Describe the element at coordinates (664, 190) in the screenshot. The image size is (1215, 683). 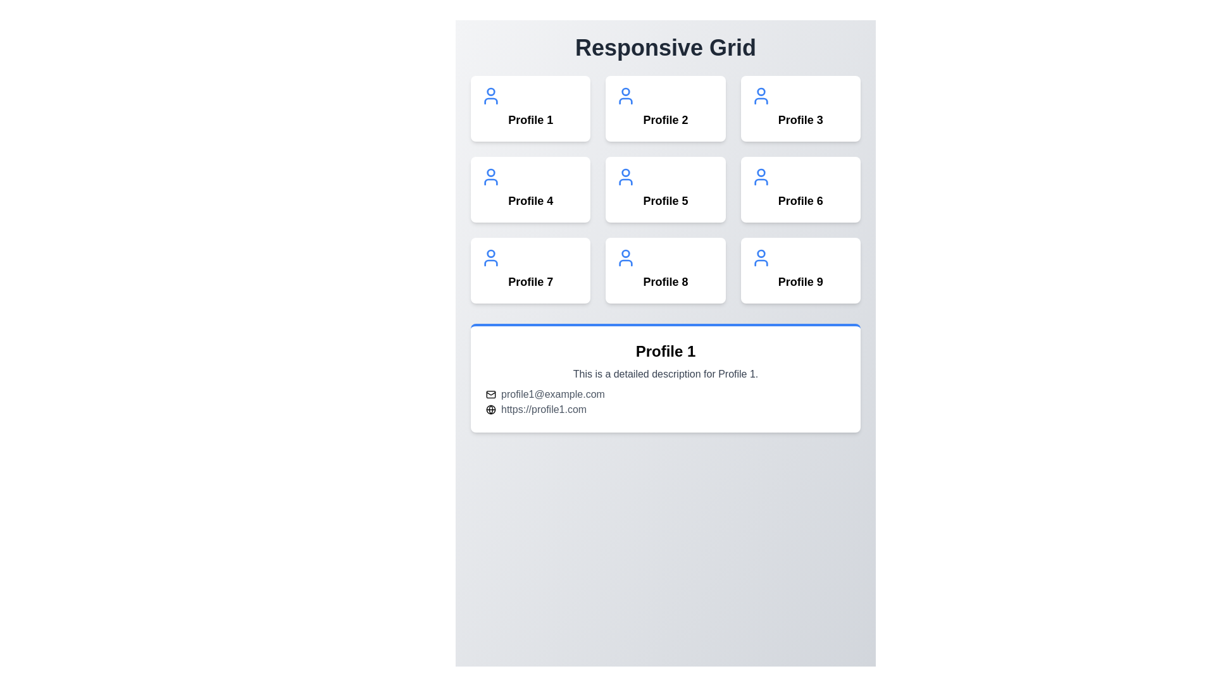
I see `the profile card labeled 'Profile 5' in the grid layout located below the heading 'Responsive Grid'` at that location.